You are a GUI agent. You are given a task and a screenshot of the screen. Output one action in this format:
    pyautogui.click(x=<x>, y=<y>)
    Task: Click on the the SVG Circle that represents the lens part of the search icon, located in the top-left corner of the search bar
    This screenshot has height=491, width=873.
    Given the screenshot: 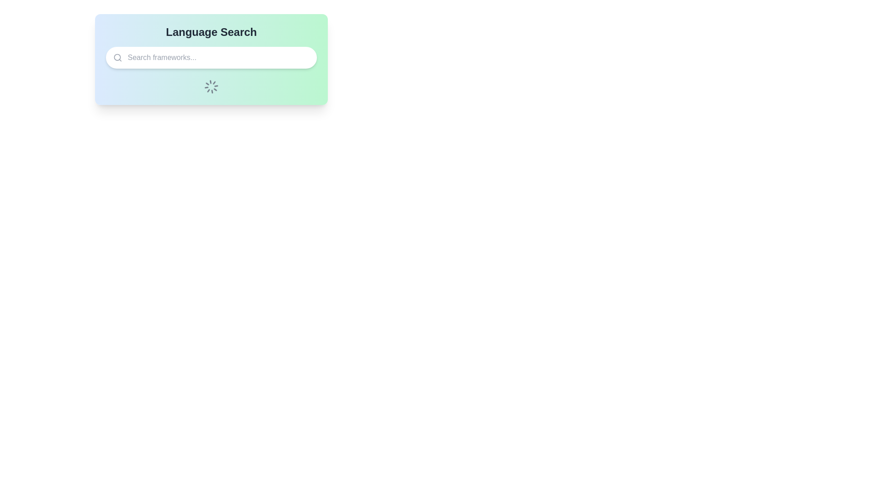 What is the action you would take?
    pyautogui.click(x=117, y=57)
    